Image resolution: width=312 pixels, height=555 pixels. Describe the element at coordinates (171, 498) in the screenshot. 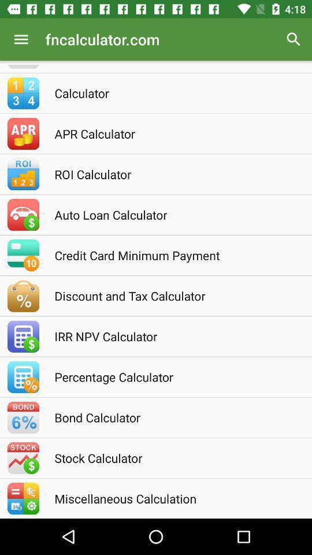

I see `the miscellaneous calculation icon` at that location.